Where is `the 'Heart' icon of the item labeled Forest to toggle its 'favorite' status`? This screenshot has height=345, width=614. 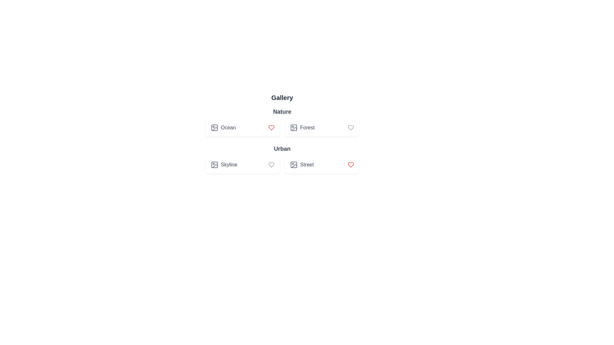 the 'Heart' icon of the item labeled Forest to toggle its 'favorite' status is located at coordinates (350, 128).